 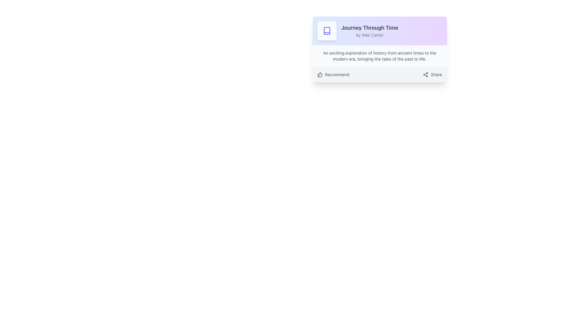 I want to click on the 'Recommend' button on the Interactive Panel located at the bottom of the card layout, so click(x=379, y=74).